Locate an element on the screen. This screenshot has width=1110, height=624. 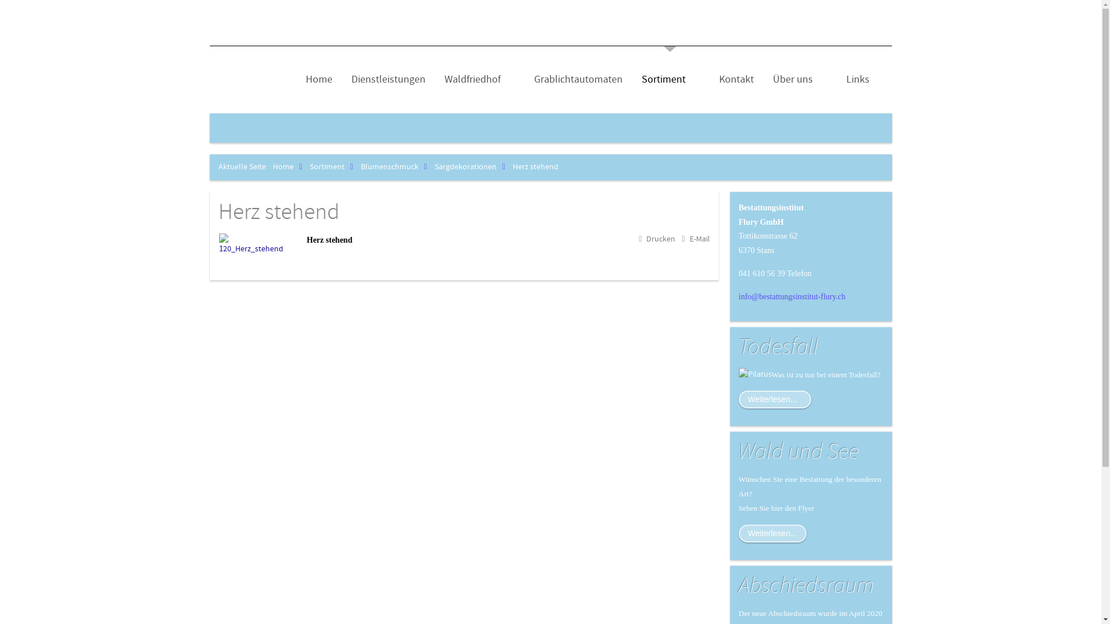
'info@bestattungsinstitut-flury.ch' is located at coordinates (791, 296).